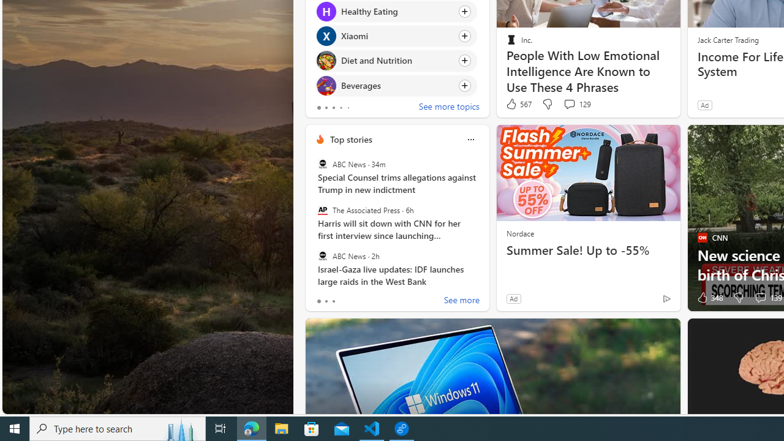 This screenshot has height=441, width=784. What do you see at coordinates (568, 103) in the screenshot?
I see `'View comments 129 Comment'` at bounding box center [568, 103].